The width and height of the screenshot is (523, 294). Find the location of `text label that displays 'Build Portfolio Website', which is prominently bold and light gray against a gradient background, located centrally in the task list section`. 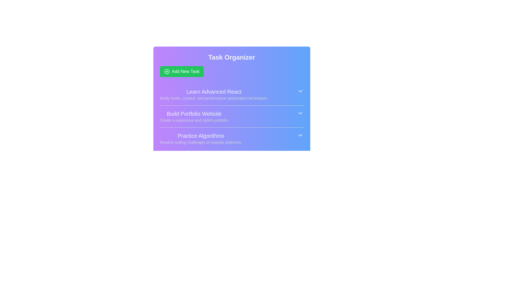

text label that displays 'Build Portfolio Website', which is prominently bold and light gray against a gradient background, located centrally in the task list section is located at coordinates (194, 113).